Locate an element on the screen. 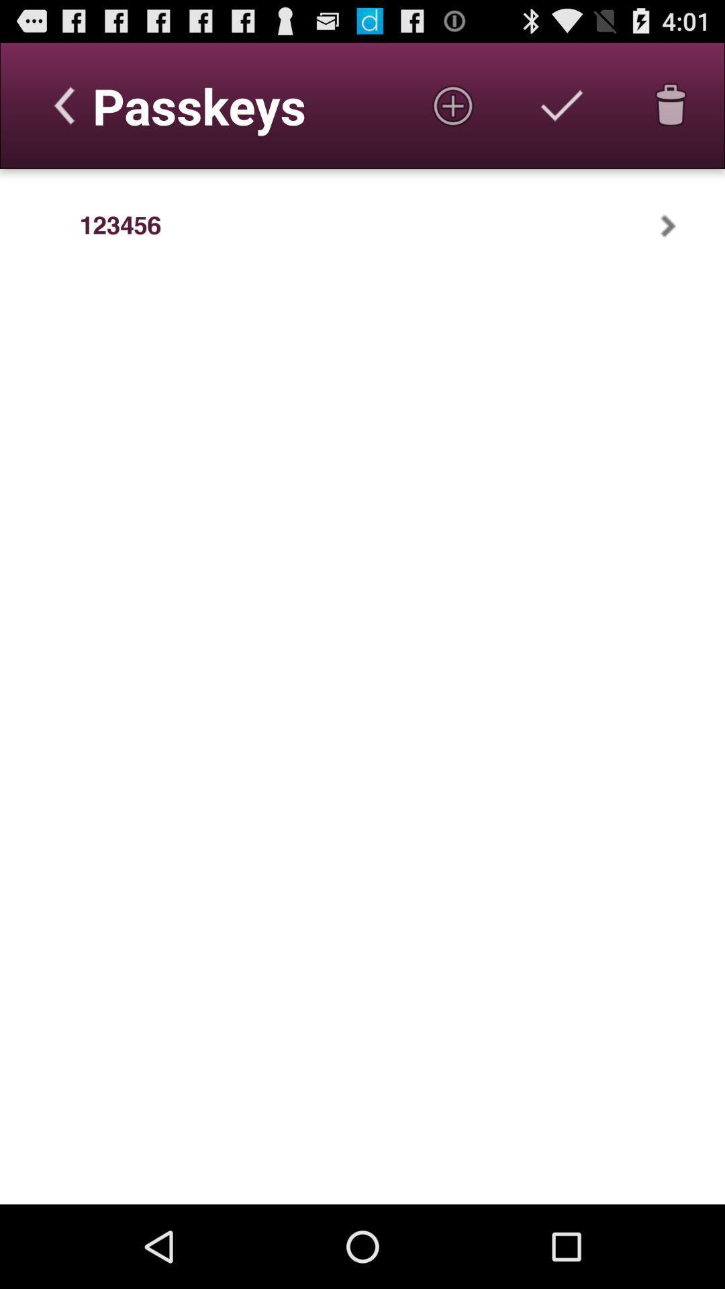 This screenshot has width=725, height=1289. passkey is located at coordinates (453, 105).